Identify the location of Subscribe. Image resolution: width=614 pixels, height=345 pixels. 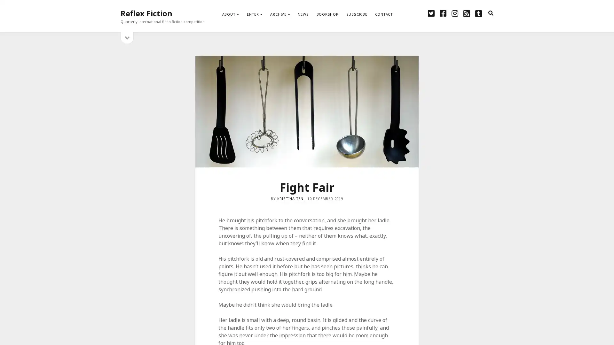
(386, 74).